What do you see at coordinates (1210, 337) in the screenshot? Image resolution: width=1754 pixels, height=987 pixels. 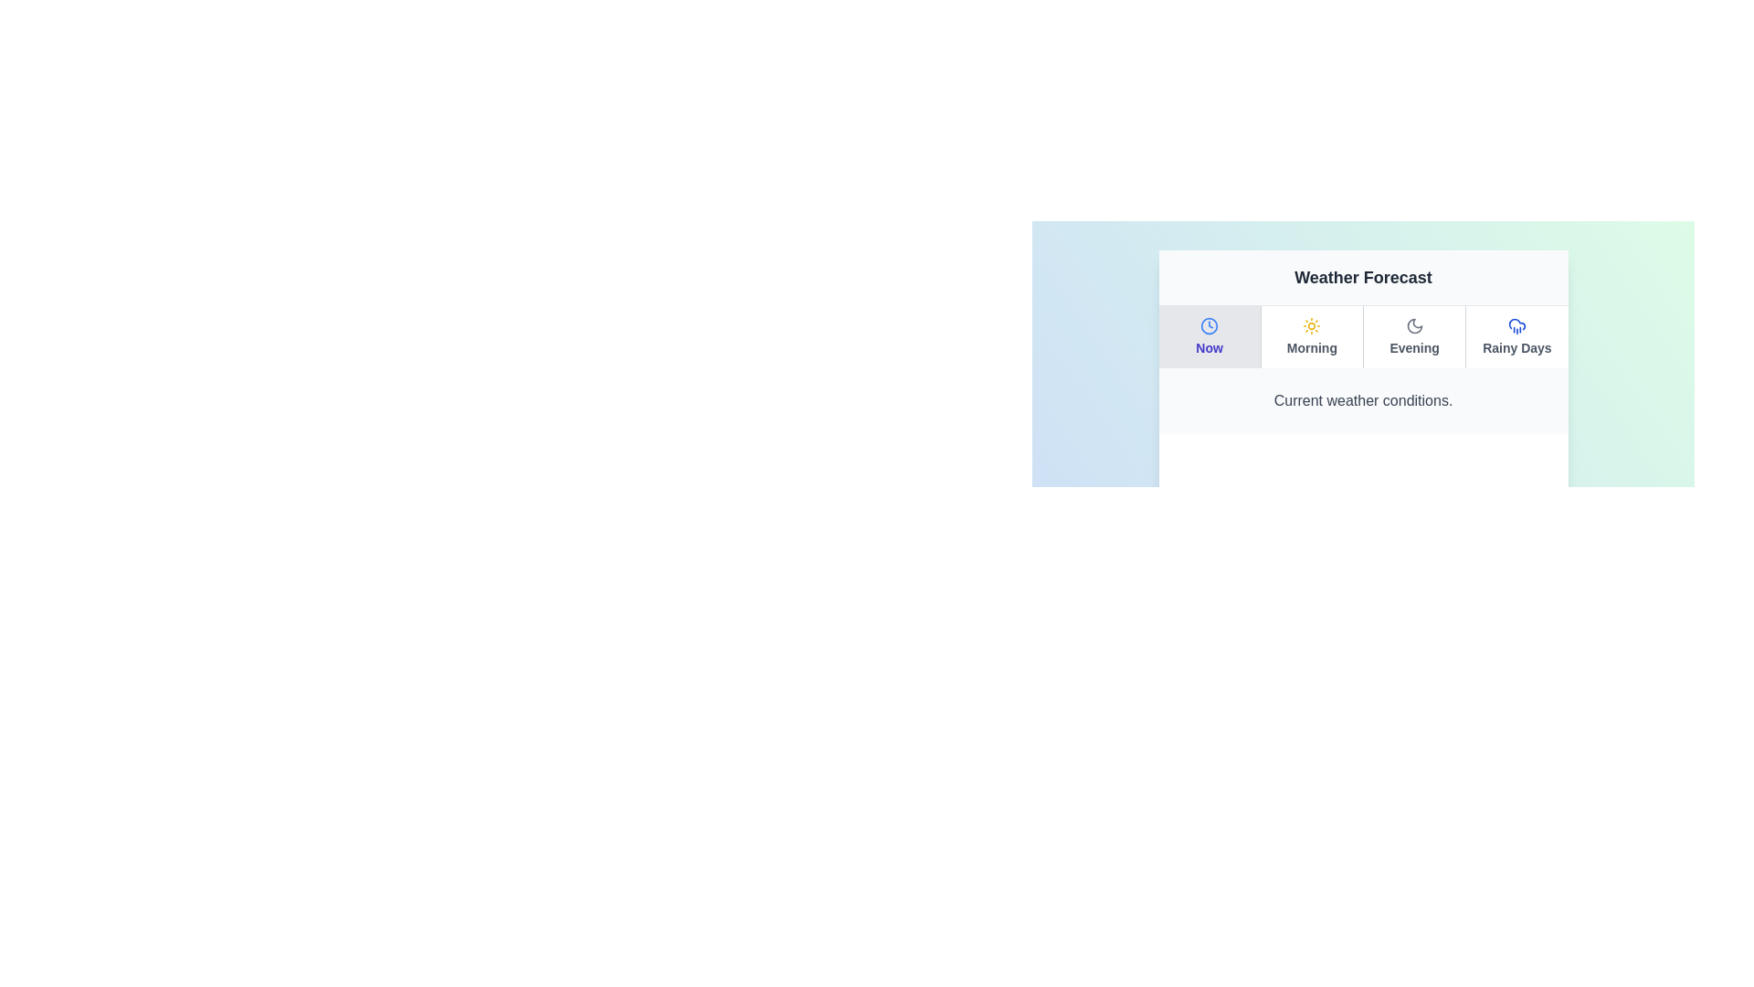 I see `the button labeled 'Now', which is a rectangular button with a light gray background and an indigo-colored bold text` at bounding box center [1210, 337].